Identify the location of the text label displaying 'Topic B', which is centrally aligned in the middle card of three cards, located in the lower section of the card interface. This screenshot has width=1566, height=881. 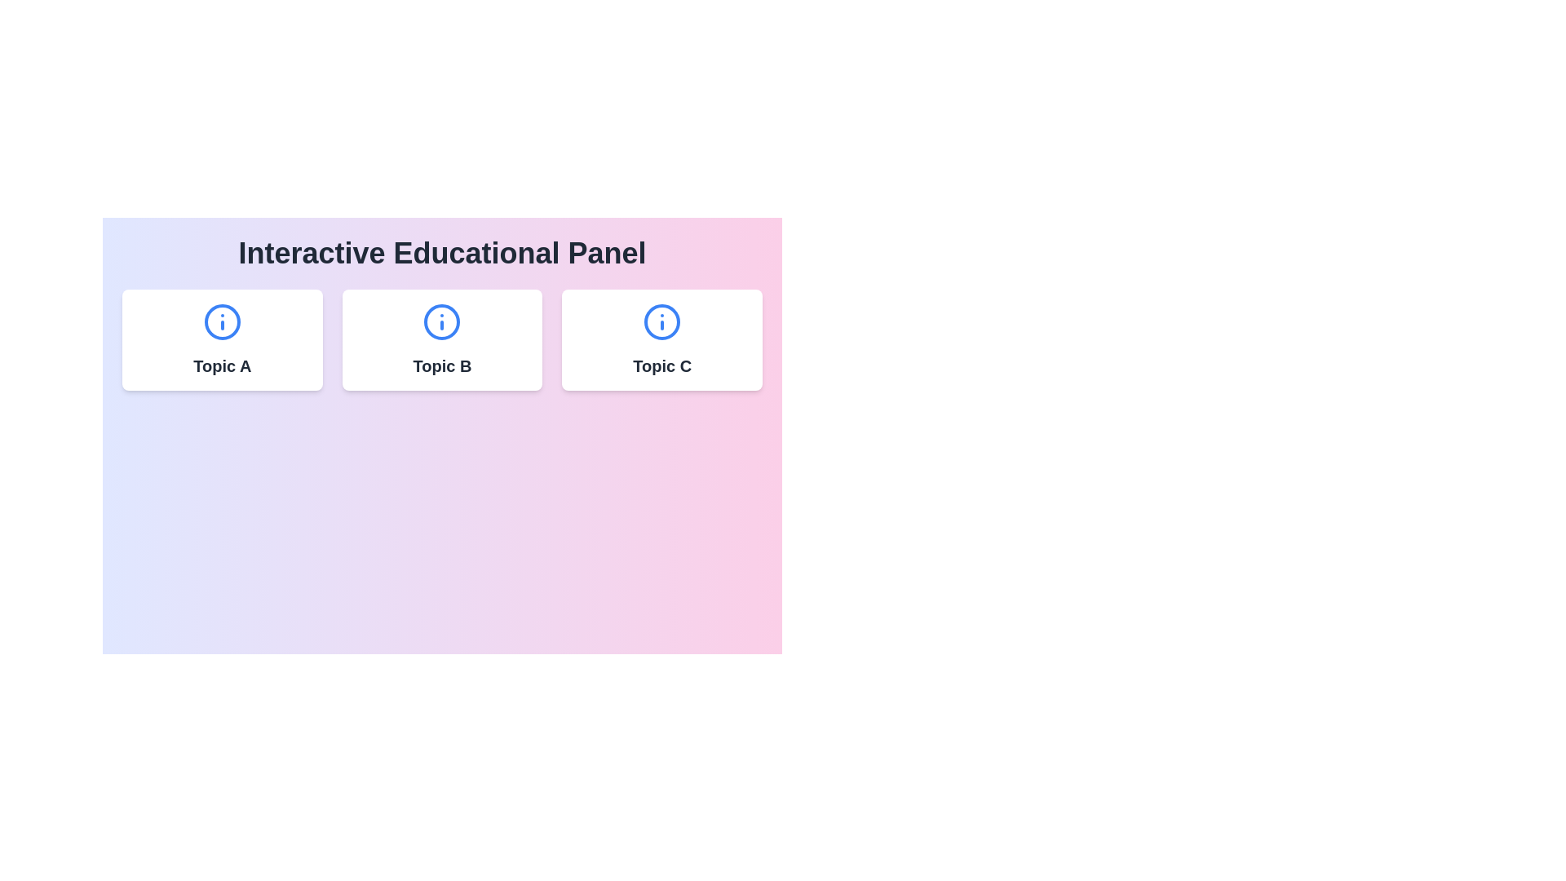
(442, 365).